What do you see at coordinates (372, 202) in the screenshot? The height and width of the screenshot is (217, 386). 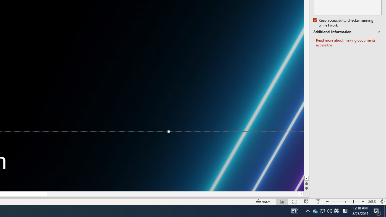 I see `'Zoom 268%'` at bounding box center [372, 202].